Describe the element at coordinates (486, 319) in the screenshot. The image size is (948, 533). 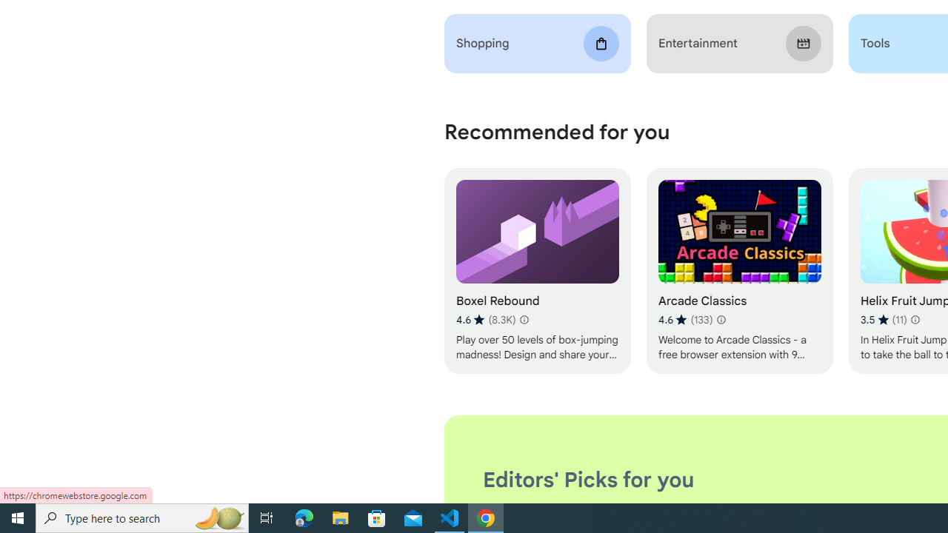
I see `'Average rating 4.6 out of 5 stars. 8.3K ratings.'` at that location.